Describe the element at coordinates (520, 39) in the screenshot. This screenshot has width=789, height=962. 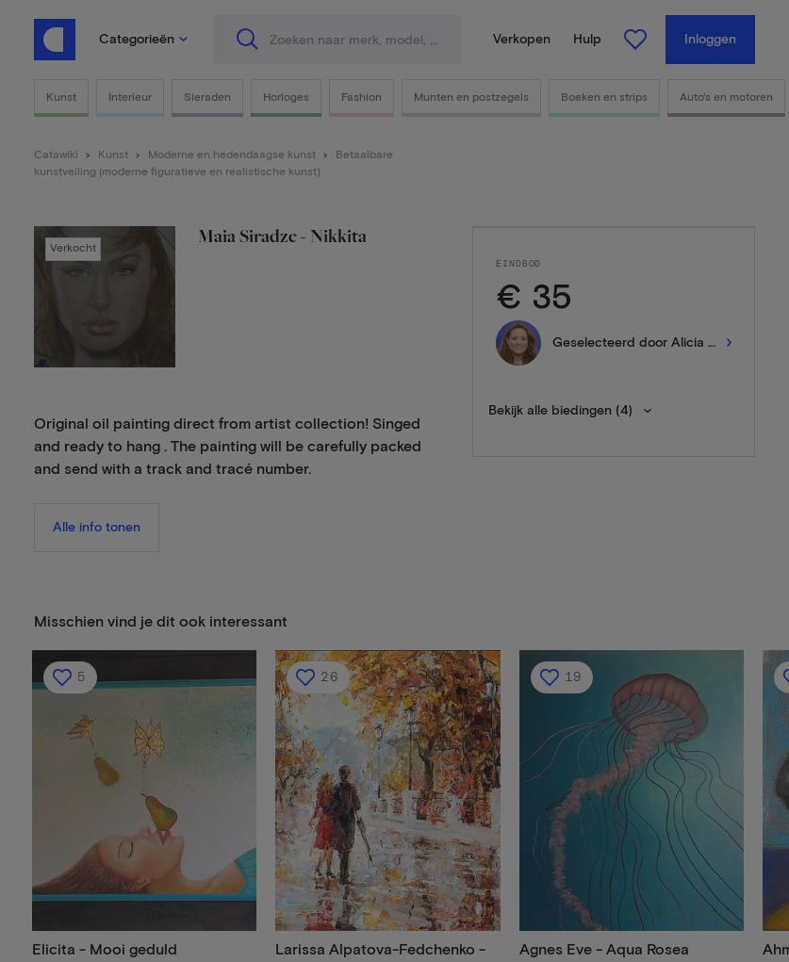
I see `'Verkopen'` at that location.